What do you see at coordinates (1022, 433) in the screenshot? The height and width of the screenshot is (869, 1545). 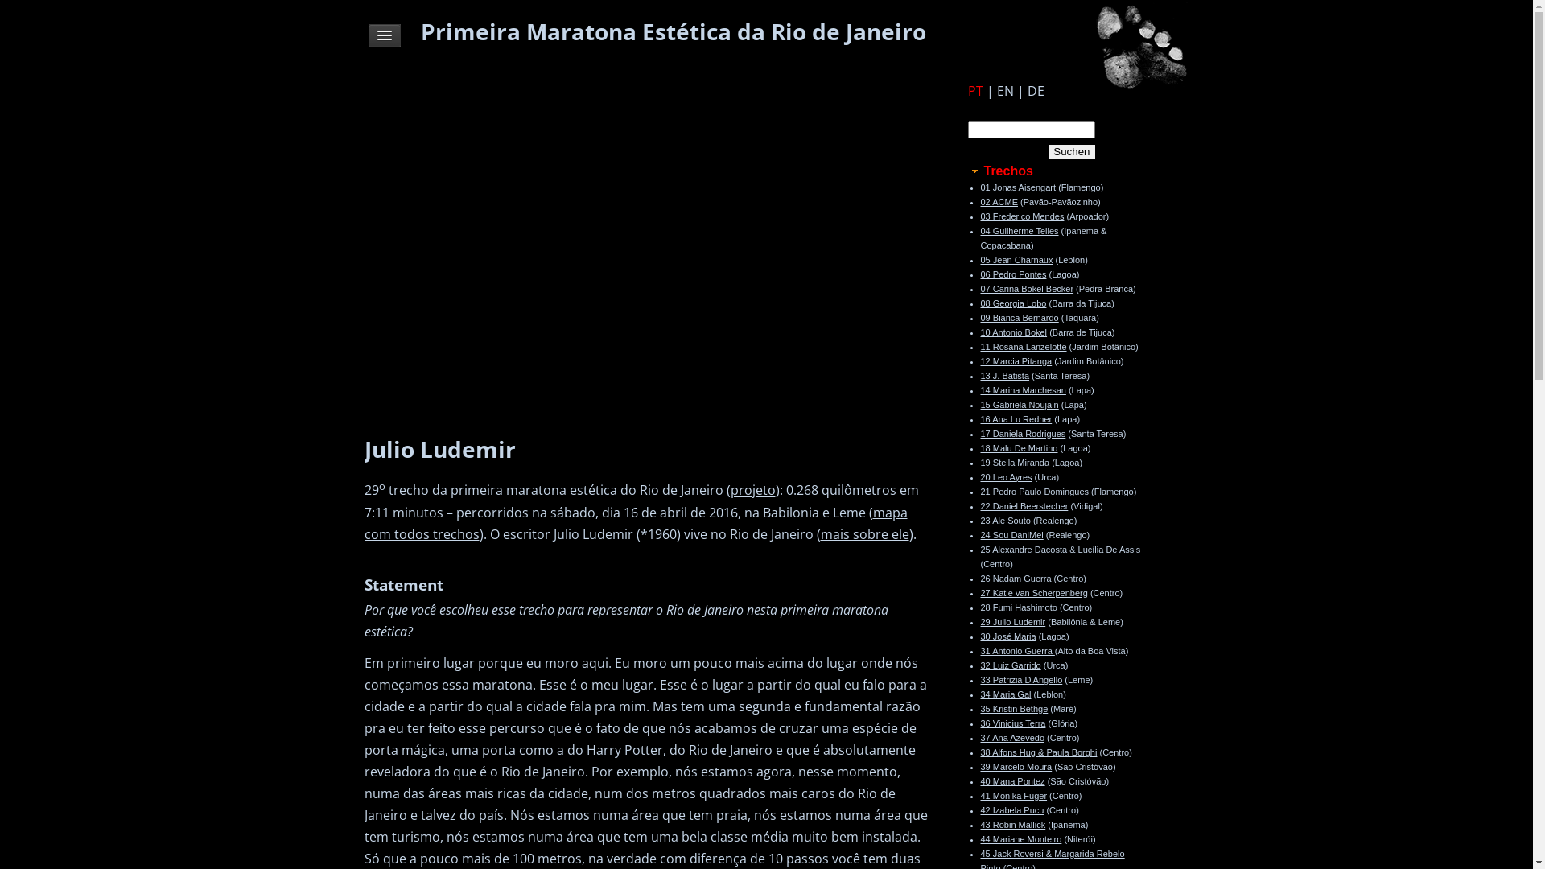 I see `'17 Daniela Rodrigues'` at bounding box center [1022, 433].